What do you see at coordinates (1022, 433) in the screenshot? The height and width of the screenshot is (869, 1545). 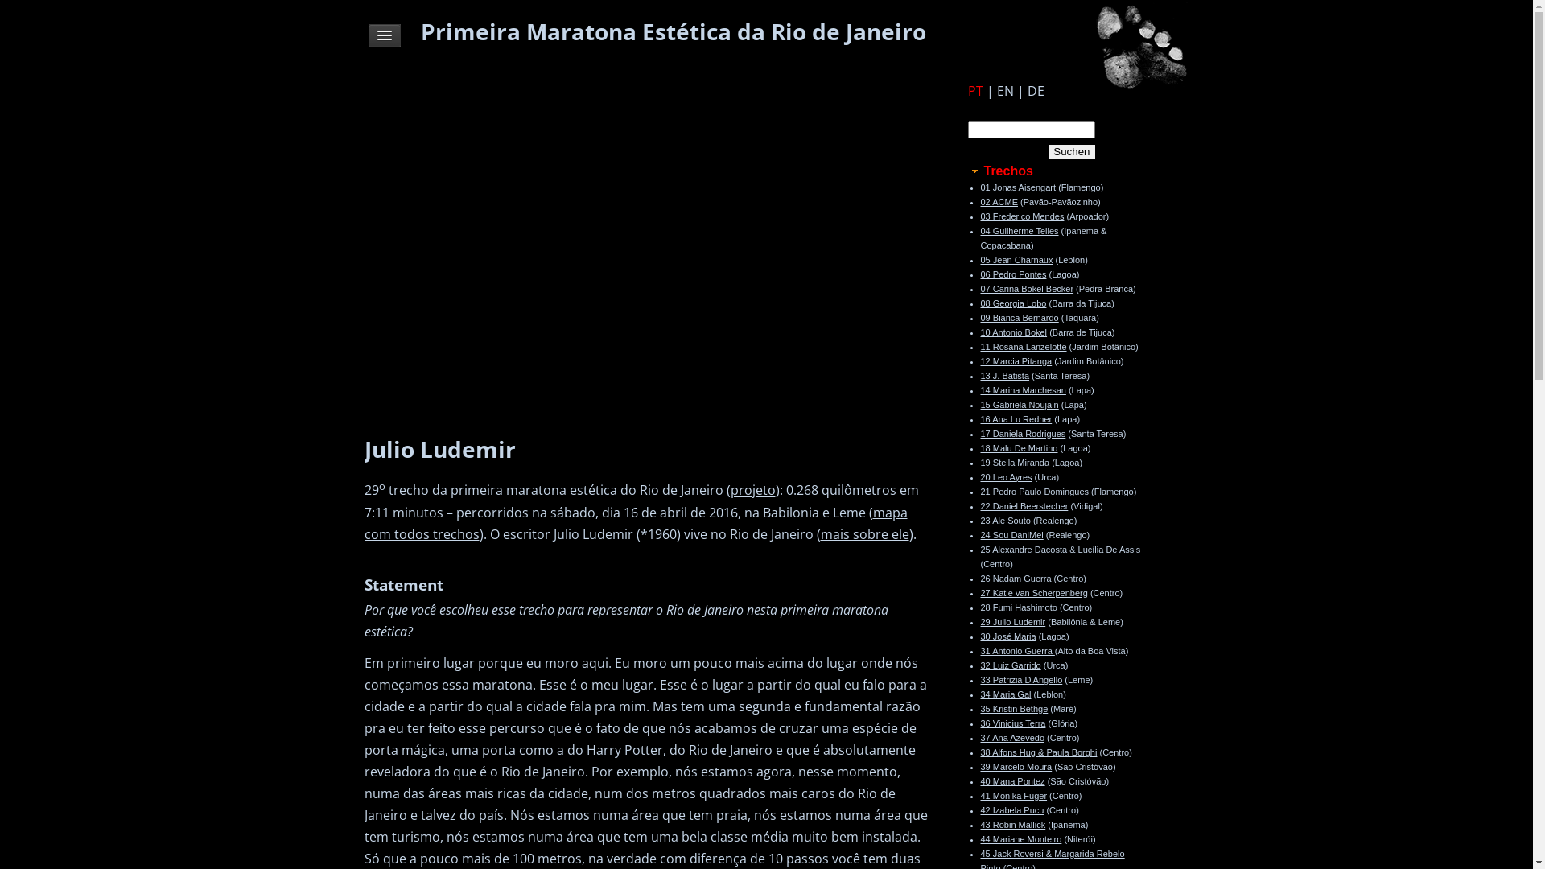 I see `'17 Daniela Rodrigues'` at bounding box center [1022, 433].